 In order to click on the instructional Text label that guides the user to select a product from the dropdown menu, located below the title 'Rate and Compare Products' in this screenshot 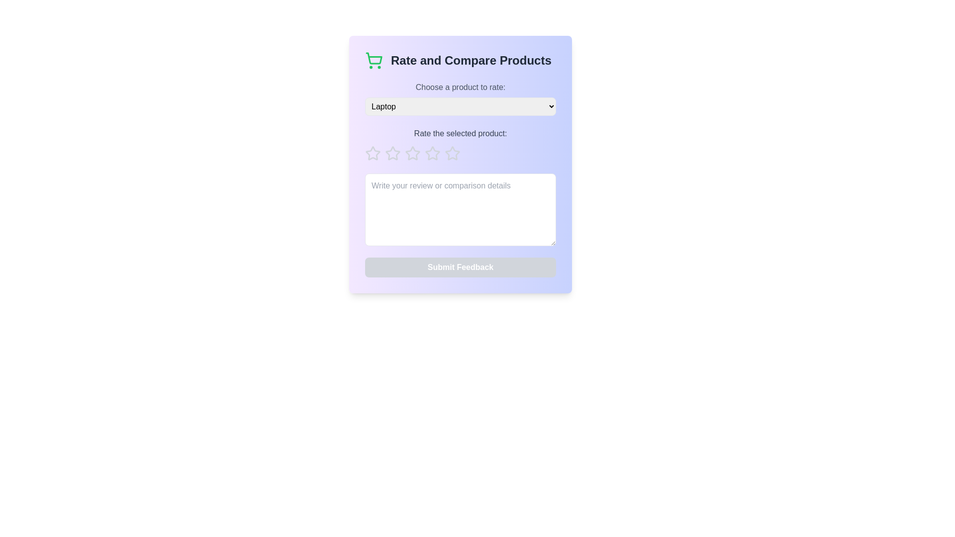, I will do `click(460, 87)`.